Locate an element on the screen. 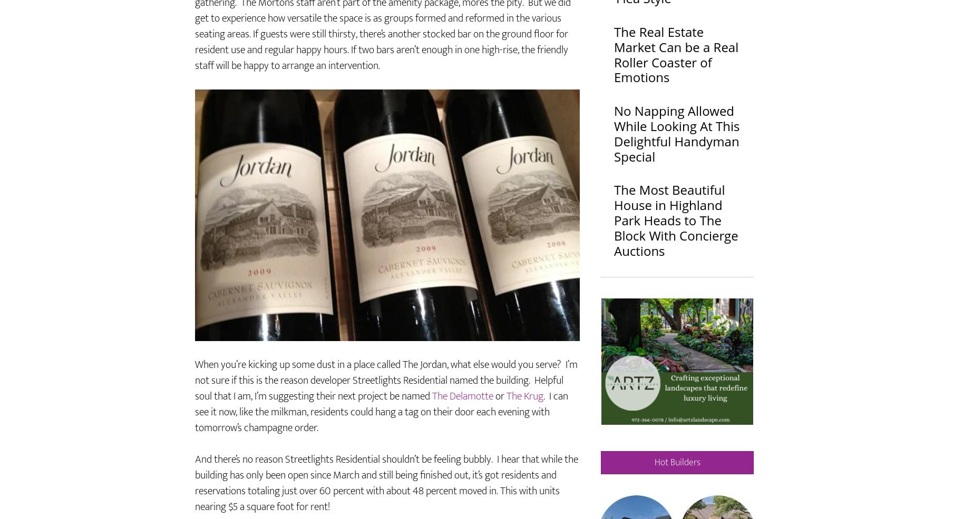 The width and height of the screenshot is (954, 519). '.  I can see it now, like the milkman, residents could hang a tag on their door each evening with tomorrow’s champagne order.' is located at coordinates (382, 442).